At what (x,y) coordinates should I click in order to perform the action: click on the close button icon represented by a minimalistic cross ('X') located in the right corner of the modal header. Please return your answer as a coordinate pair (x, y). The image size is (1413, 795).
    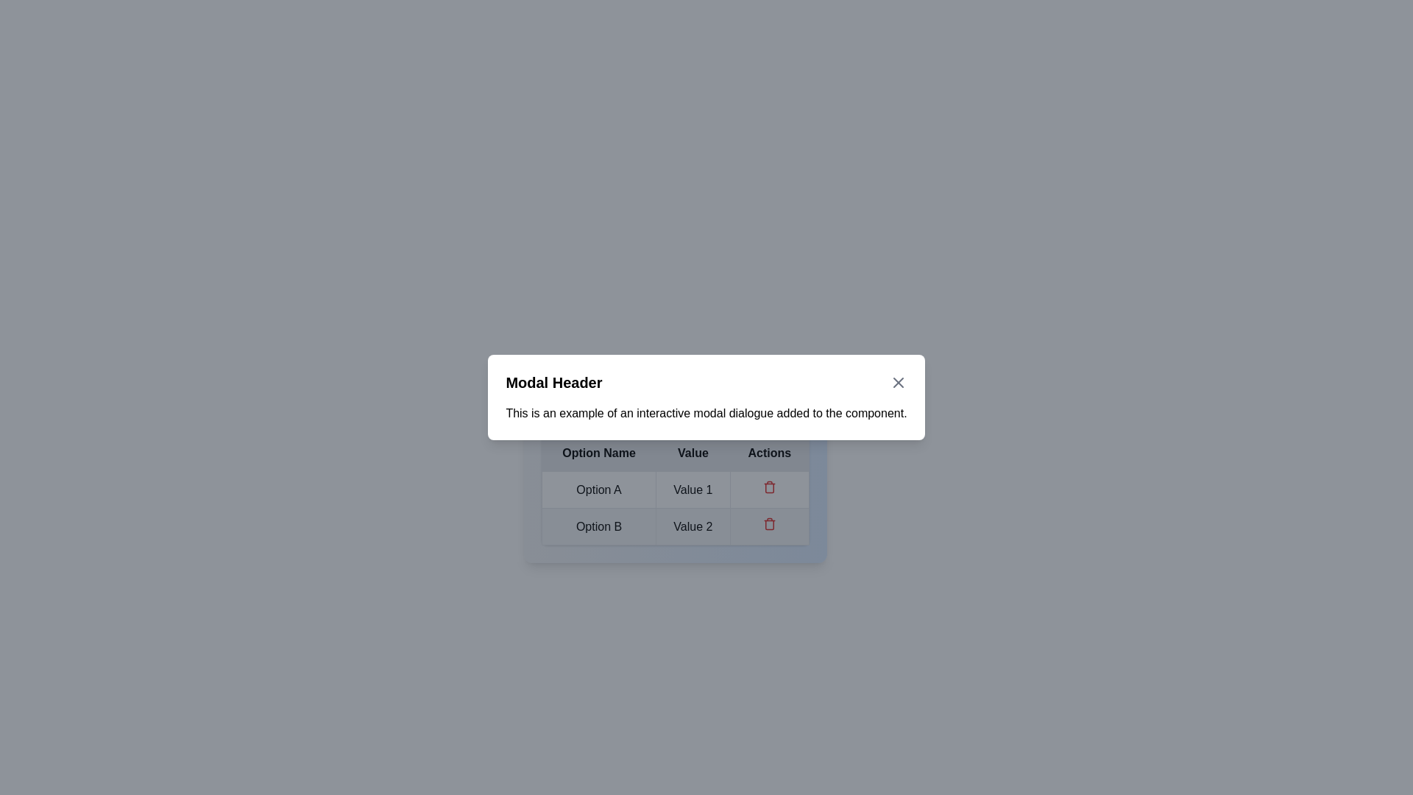
    Looking at the image, I should click on (897, 382).